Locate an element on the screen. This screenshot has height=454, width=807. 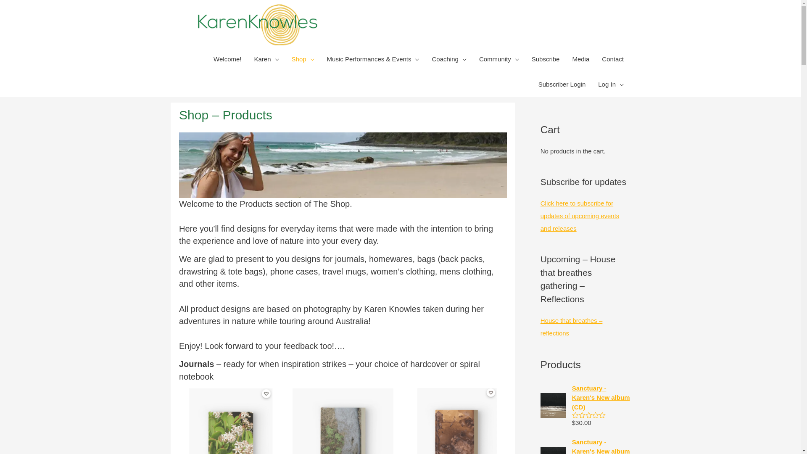
'Welcome!' is located at coordinates (227, 59).